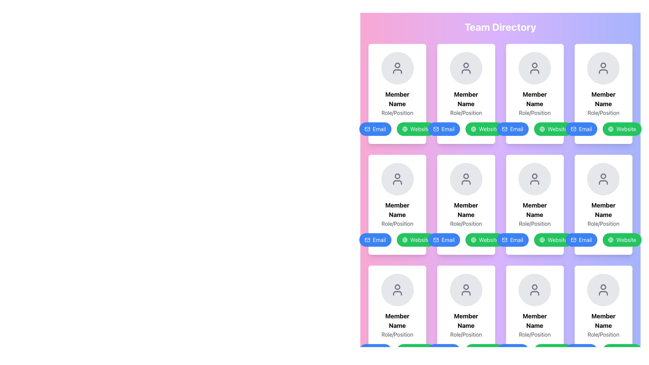  I want to click on the text label displaying 'Role/Position' in gray color, which is located below the 'Member Name' label in the fourth card of the third row within the 'Team Directory' section, so click(465, 335).